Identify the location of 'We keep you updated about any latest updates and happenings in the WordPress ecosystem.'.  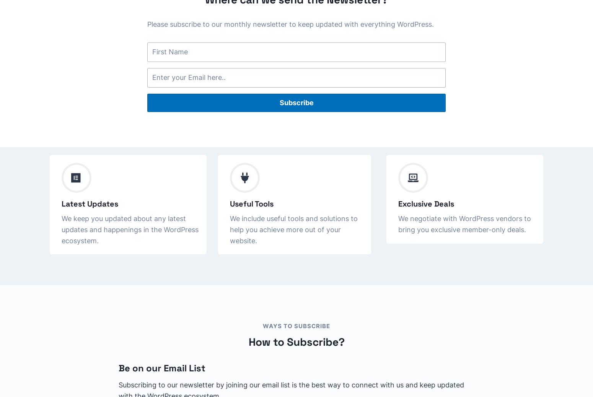
(130, 229).